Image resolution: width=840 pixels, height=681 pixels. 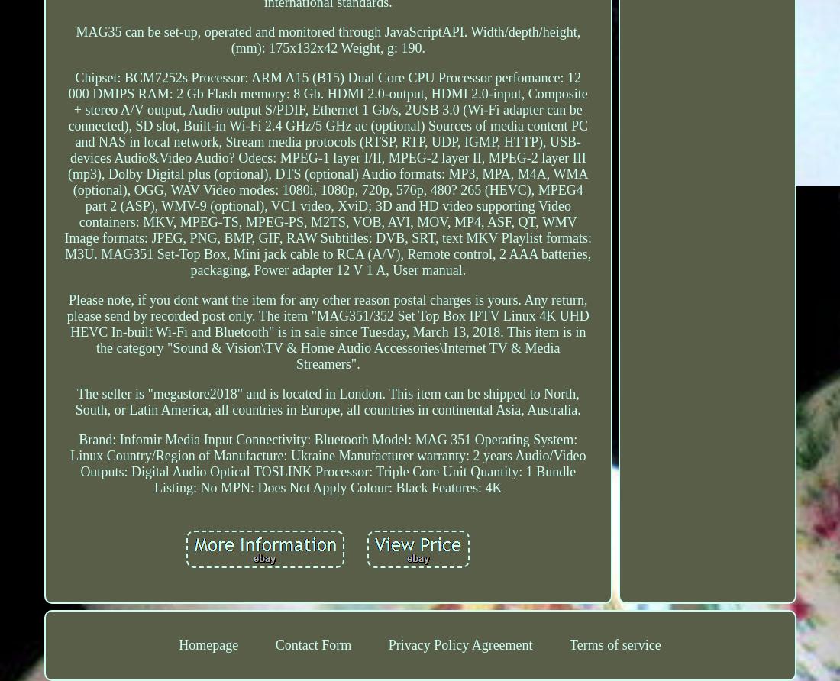 I want to click on 'Colour: Black', so click(x=389, y=487).